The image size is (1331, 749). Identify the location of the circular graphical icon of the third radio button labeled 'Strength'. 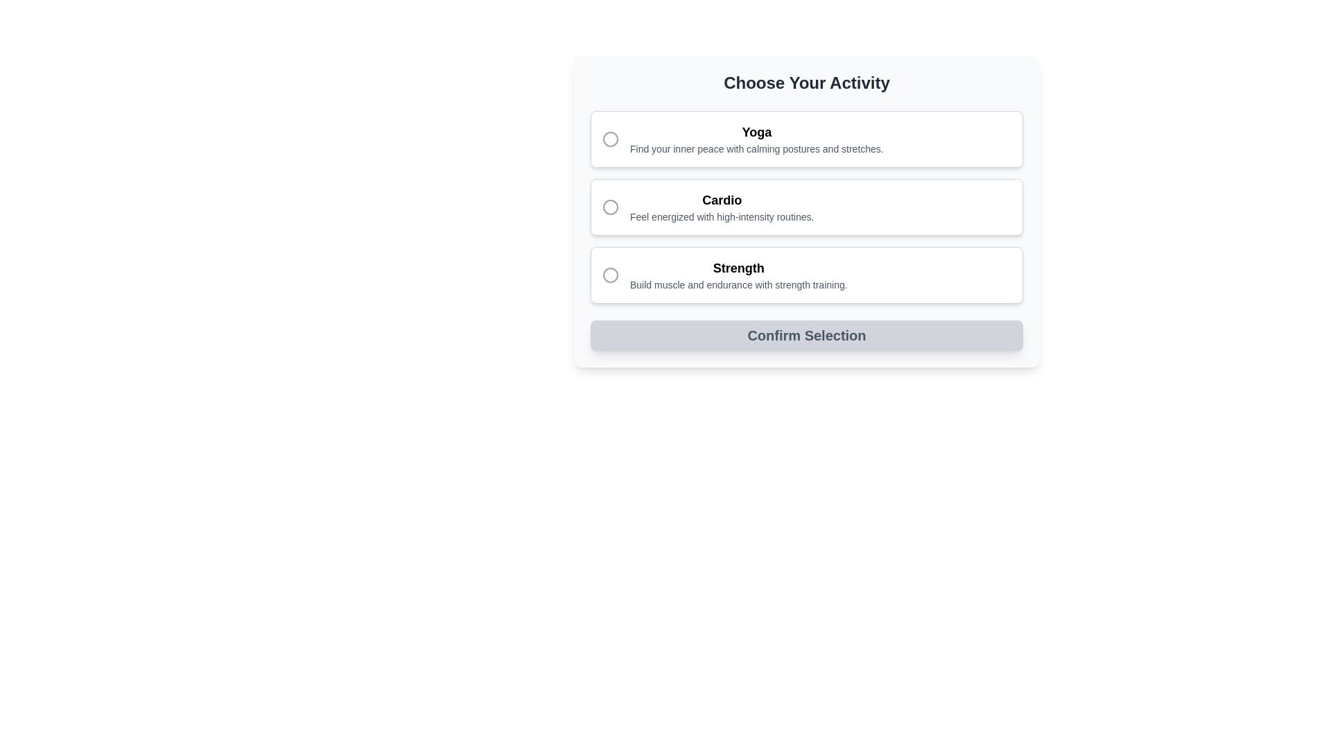
(610, 275).